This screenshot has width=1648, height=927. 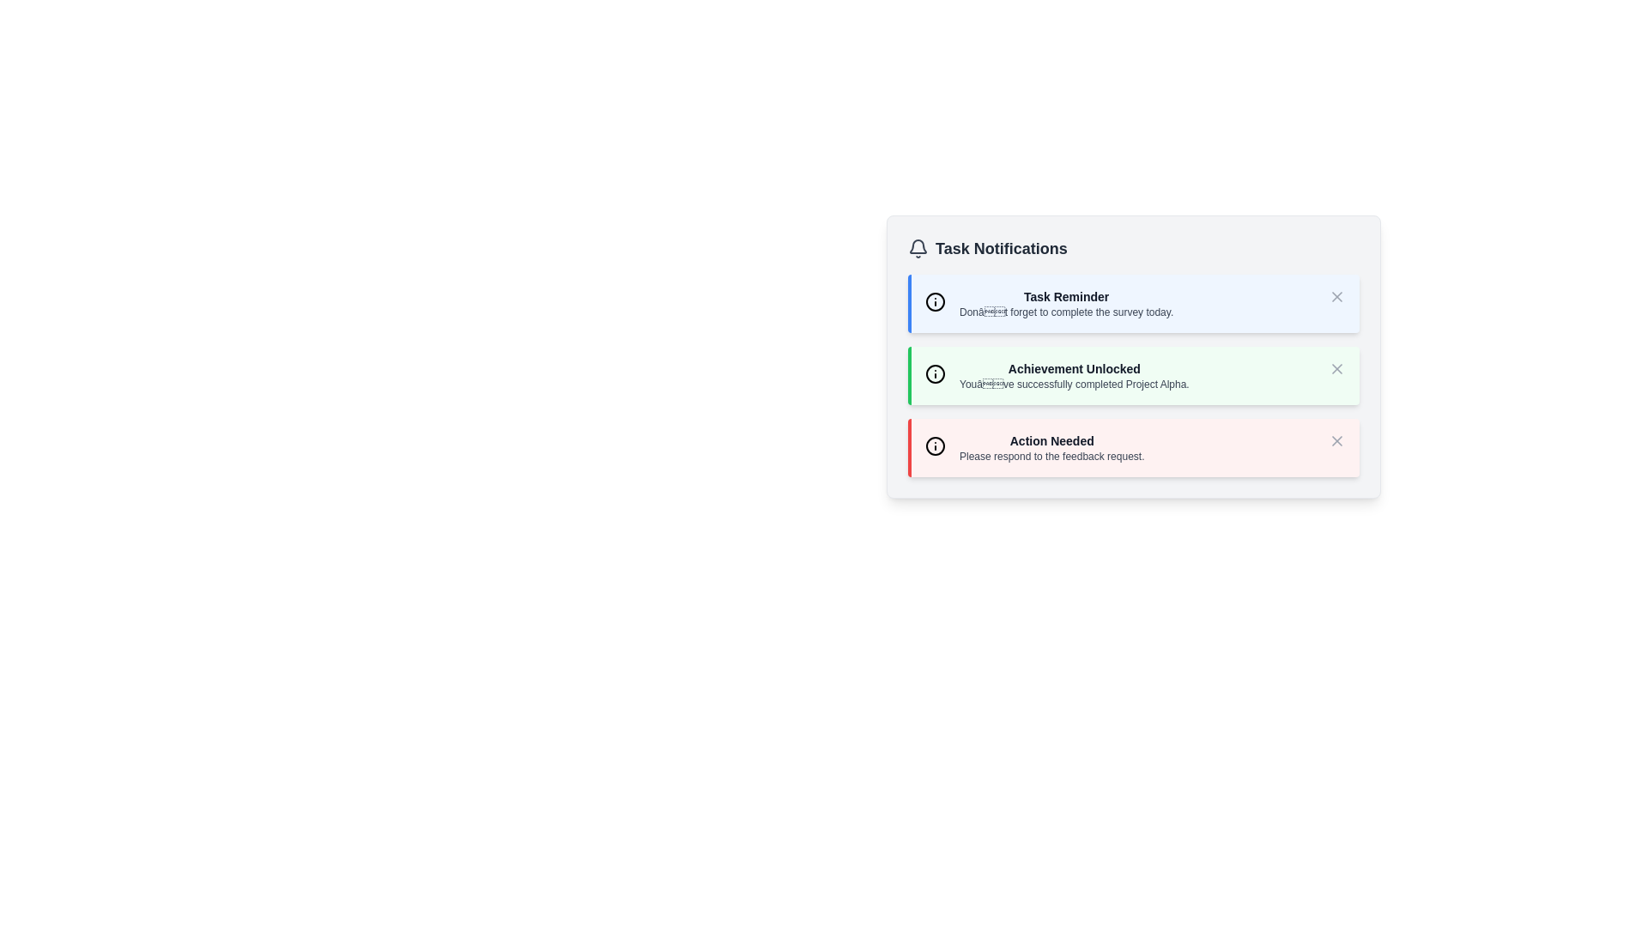 What do you see at coordinates (934, 445) in the screenshot?
I see `the decorative SVG Circle that serves as the outer boundary of the information icon within the notification interface, located at the start of the first notification card` at bounding box center [934, 445].